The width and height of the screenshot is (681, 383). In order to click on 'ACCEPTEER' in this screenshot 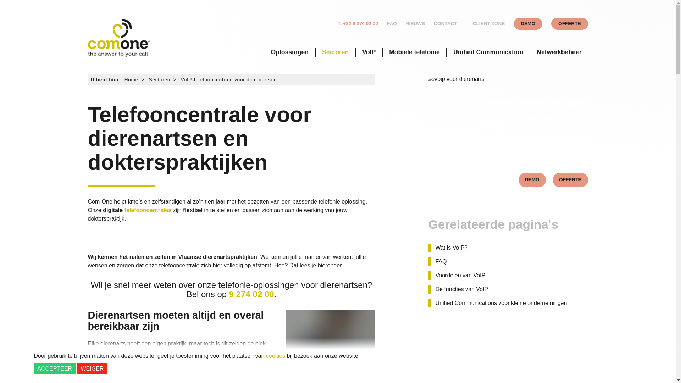, I will do `click(54, 368)`.